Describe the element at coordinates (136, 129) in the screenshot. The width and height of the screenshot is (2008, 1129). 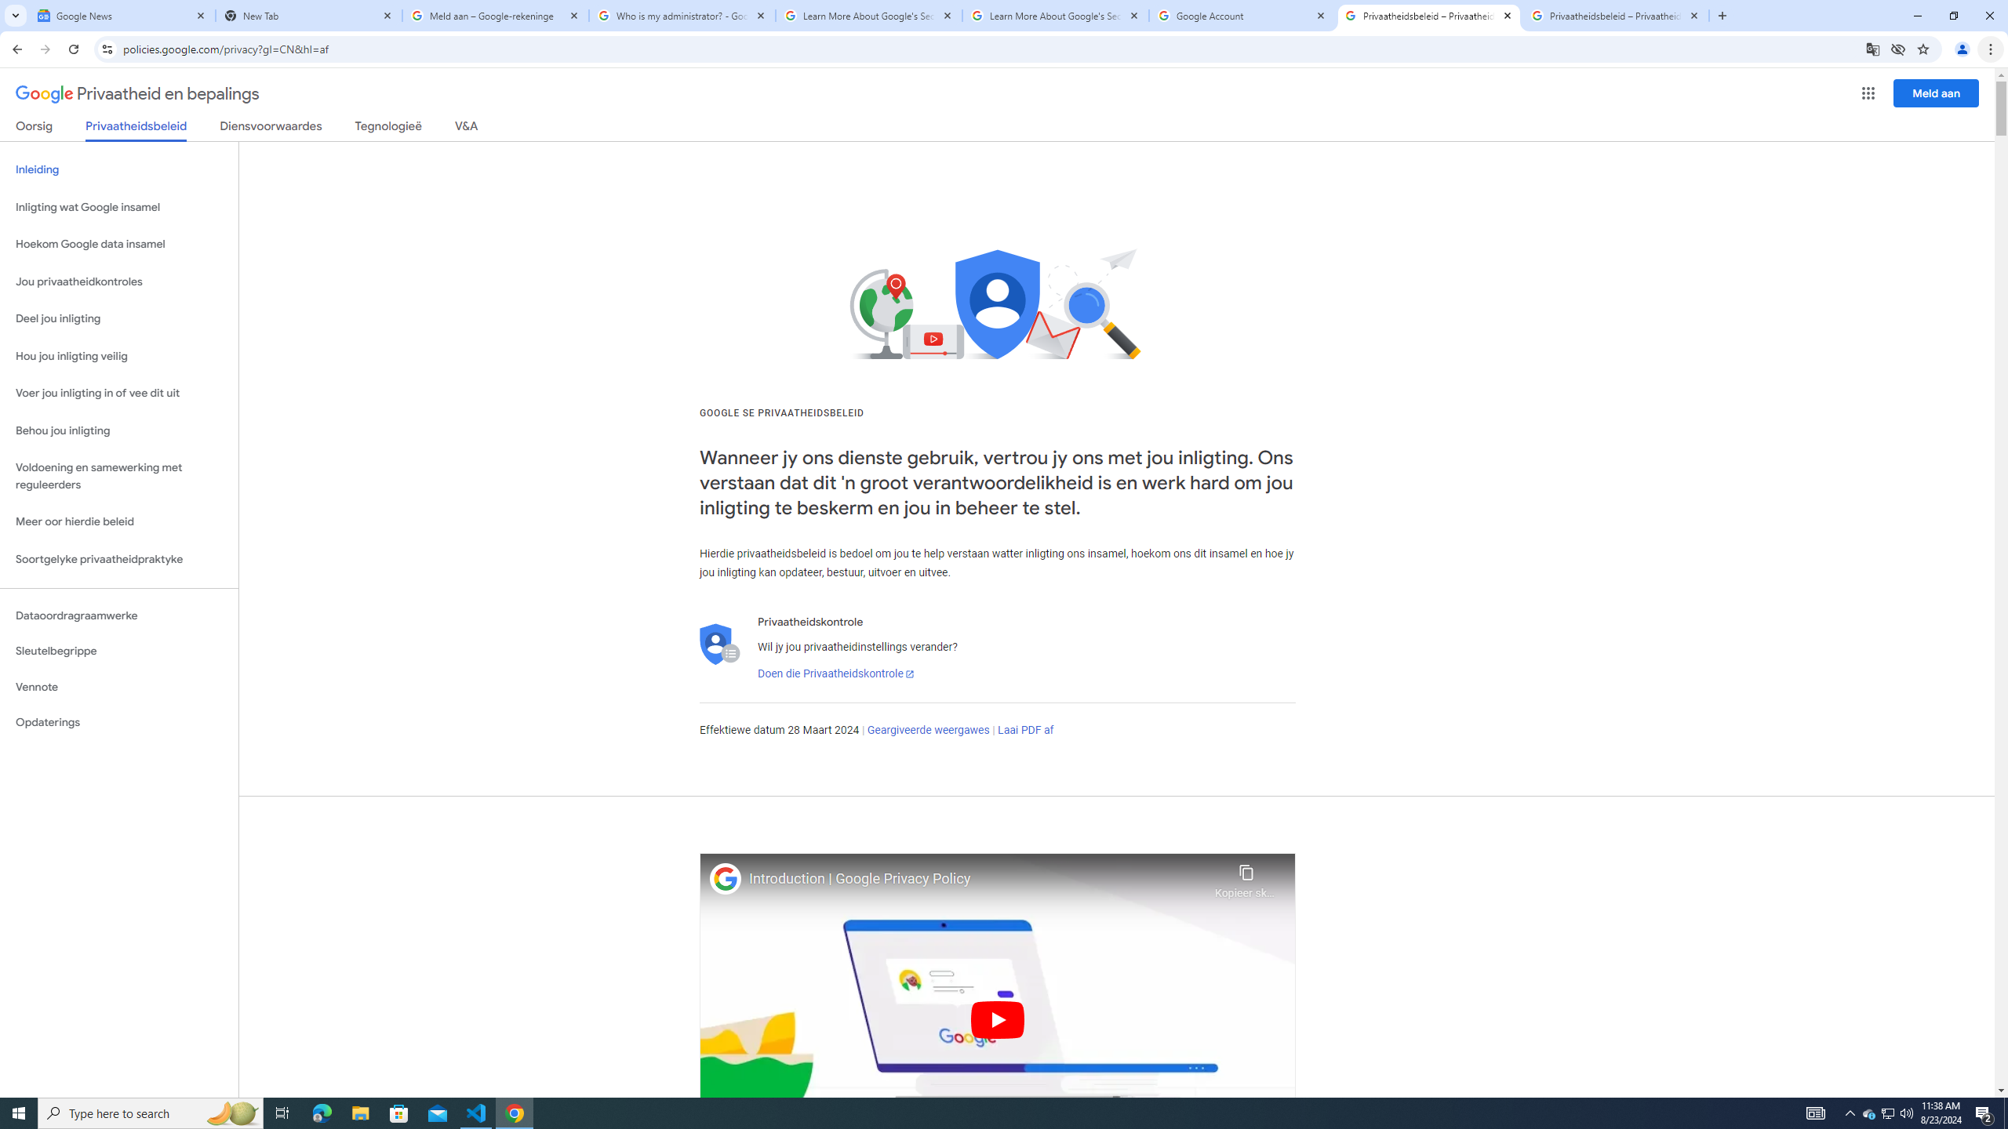
I see `'Privaatheidsbeleid'` at that location.